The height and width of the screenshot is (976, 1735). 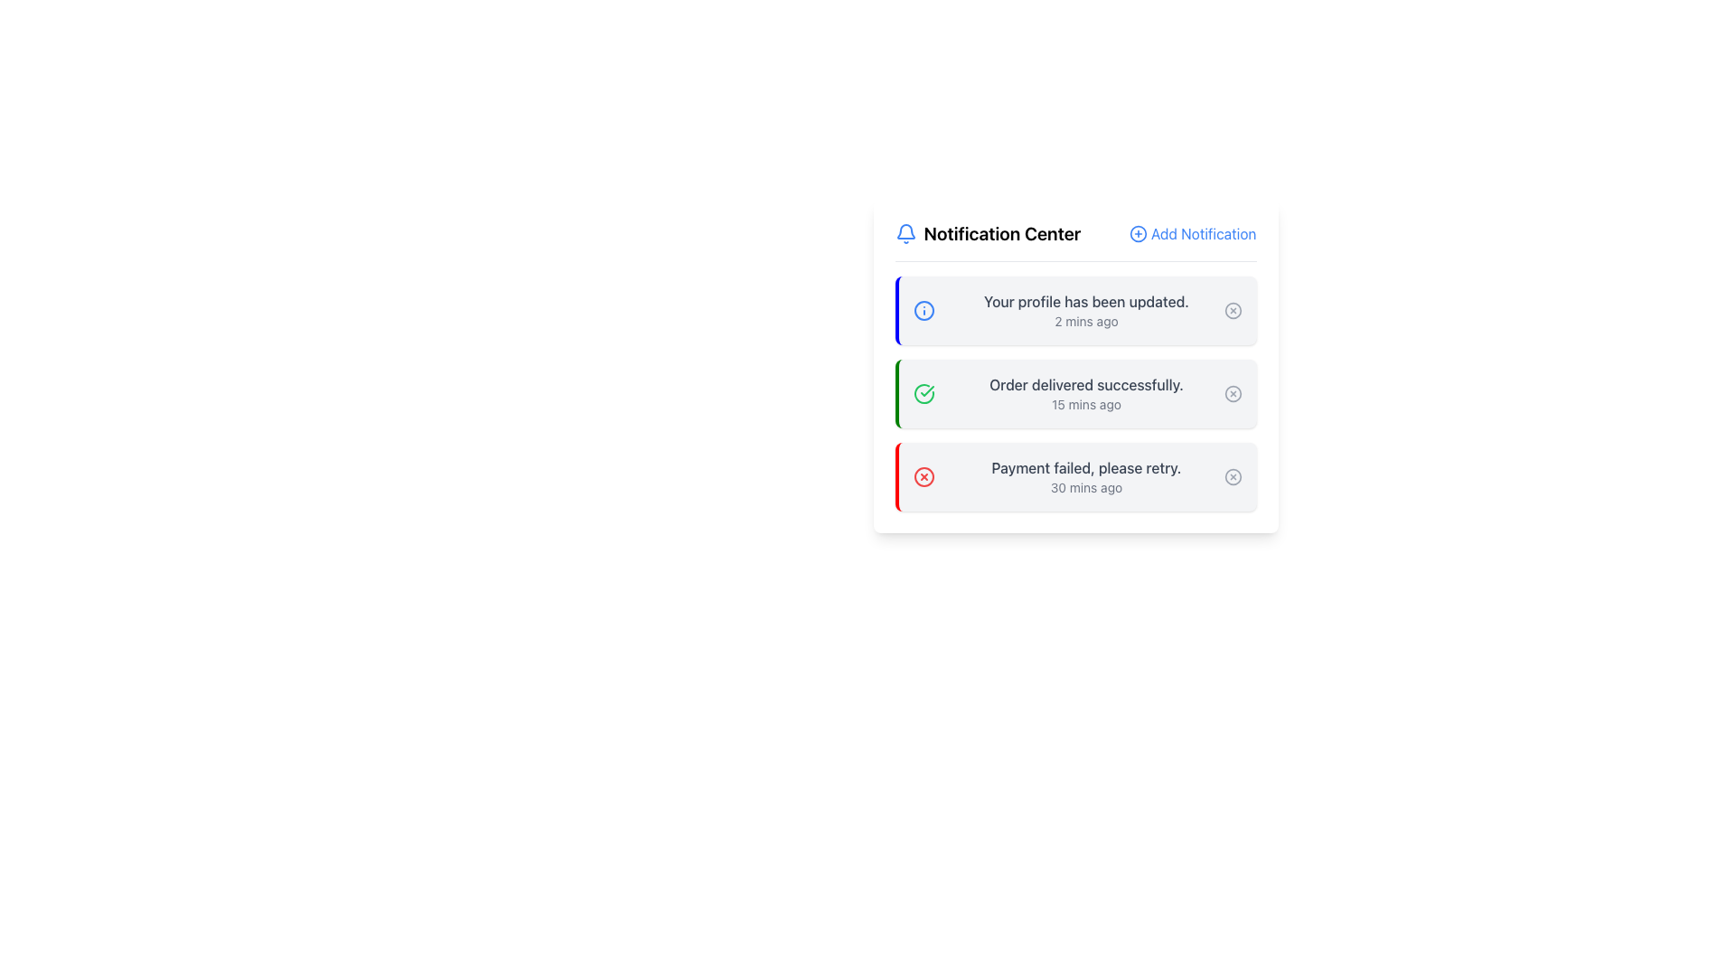 I want to click on the notification message indicating a recent profile update, which is the first item in the vertical list of notifications in the notification center panel, so click(x=1085, y=309).